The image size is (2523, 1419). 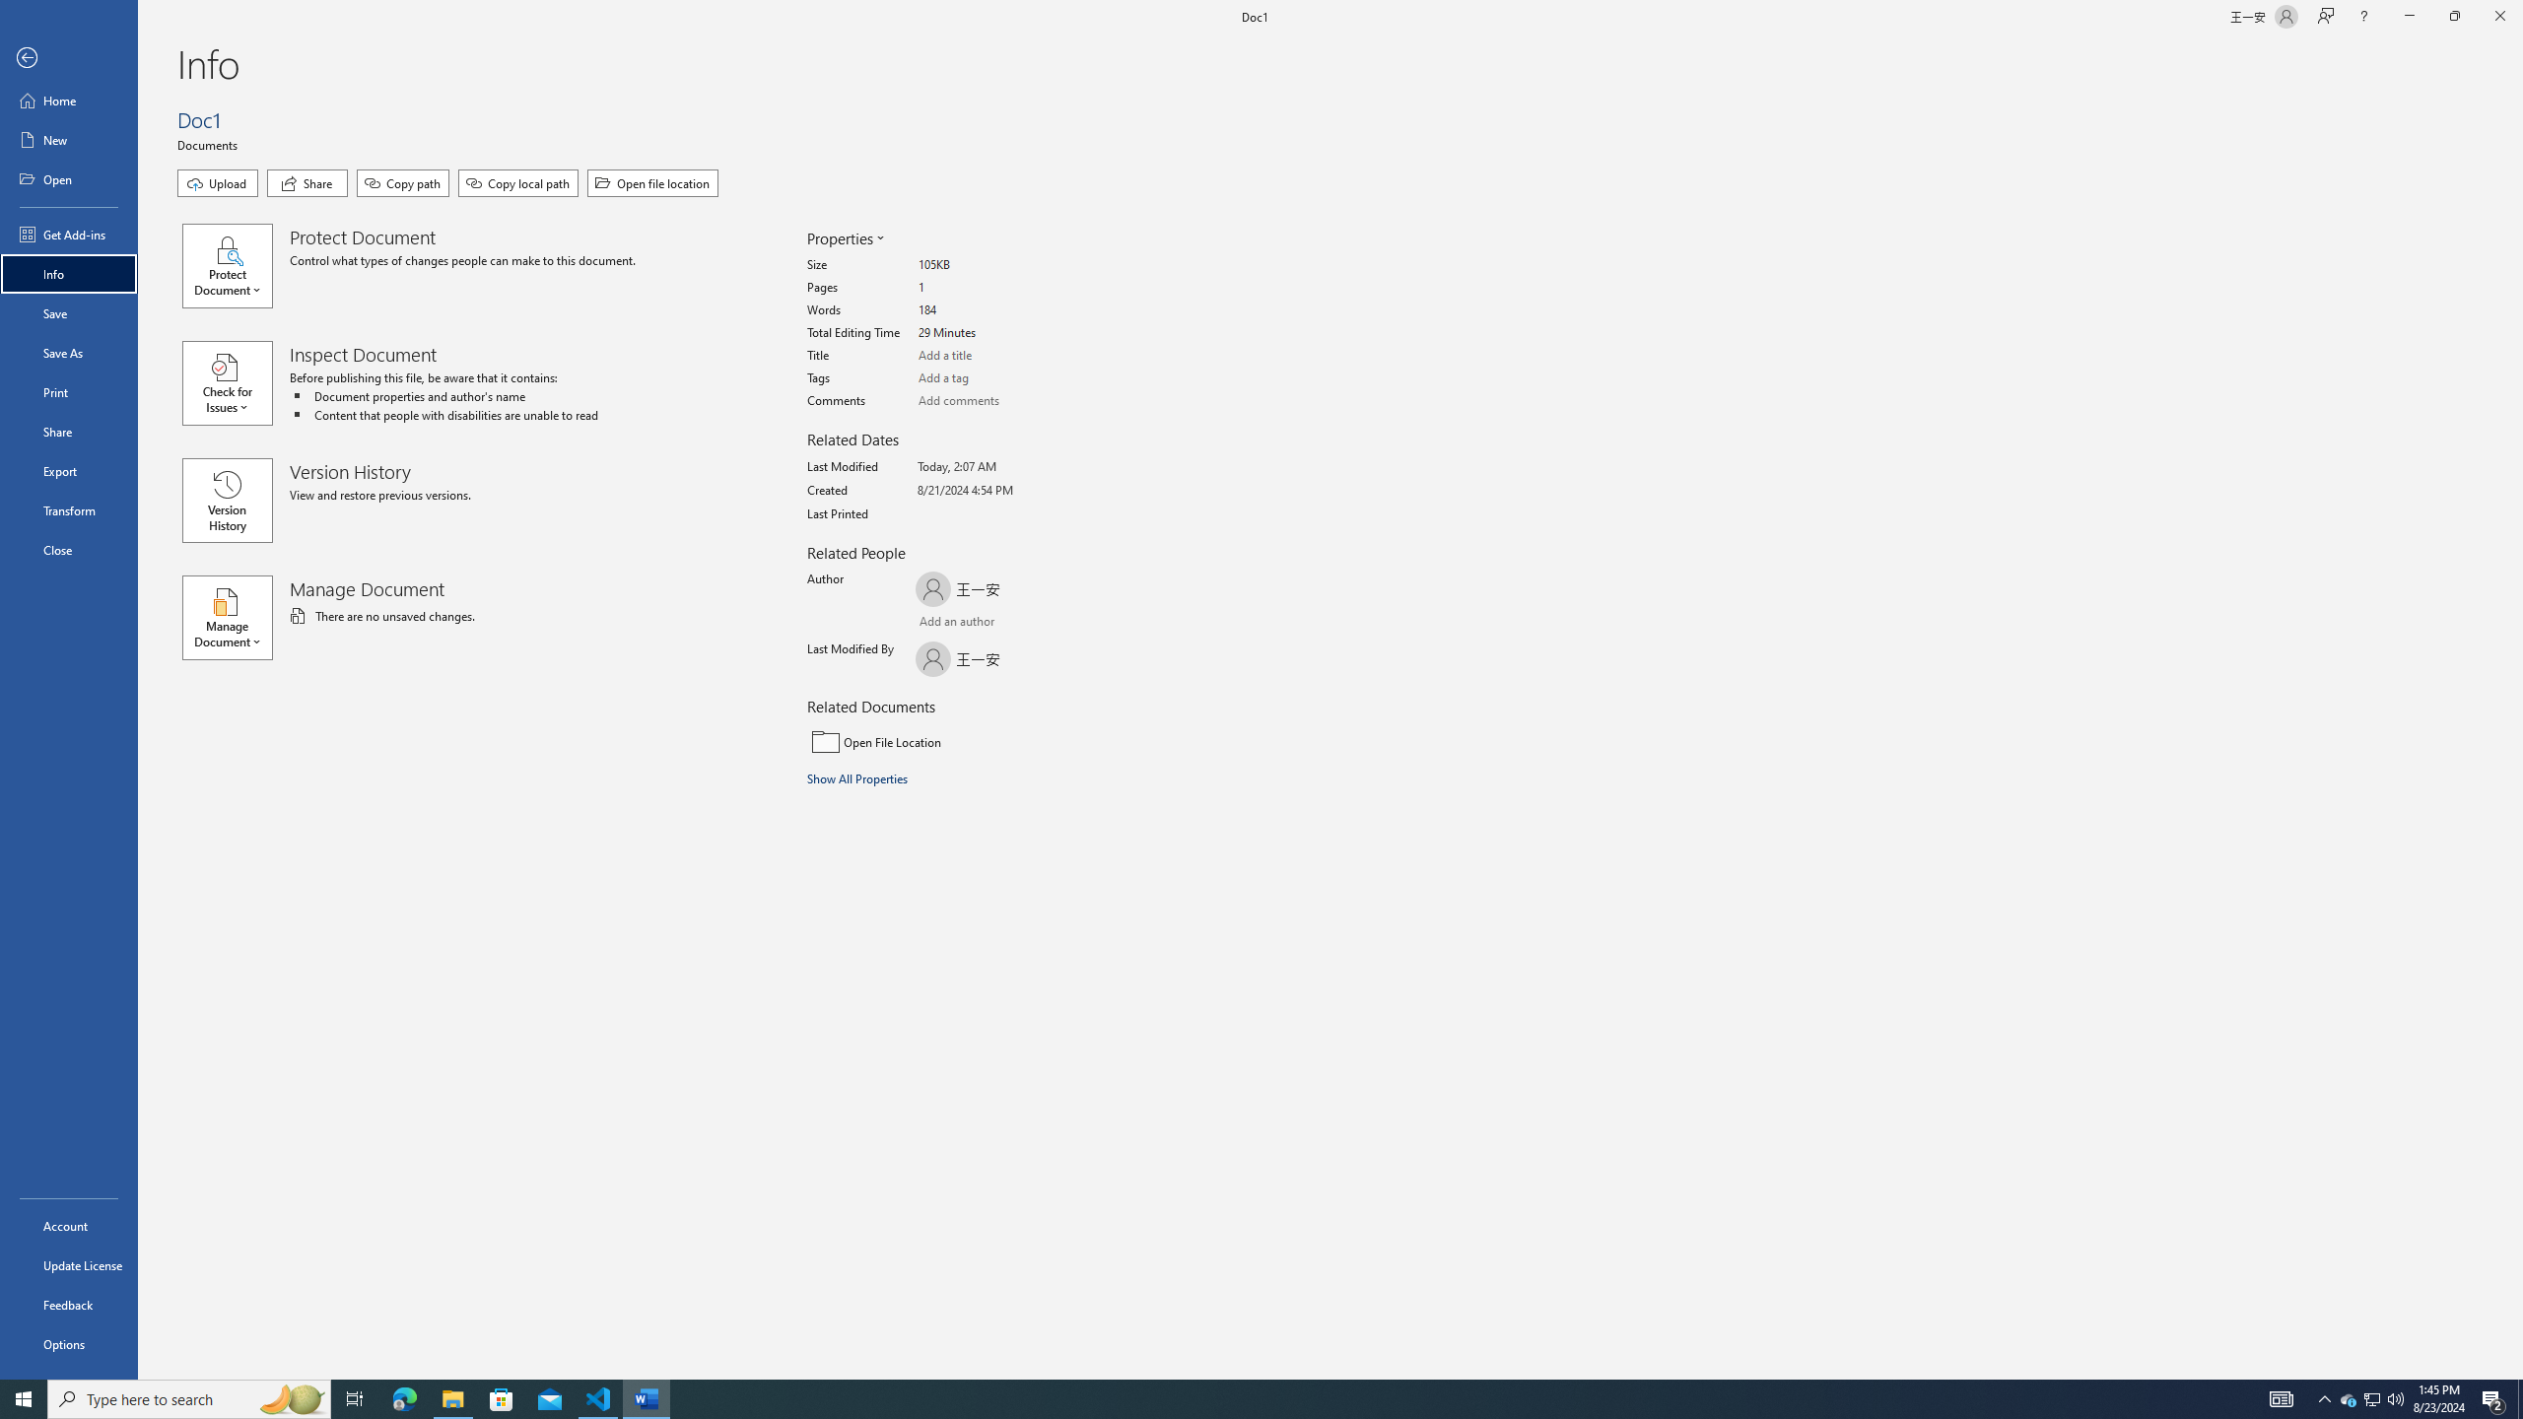 What do you see at coordinates (68, 391) in the screenshot?
I see `'Print'` at bounding box center [68, 391].